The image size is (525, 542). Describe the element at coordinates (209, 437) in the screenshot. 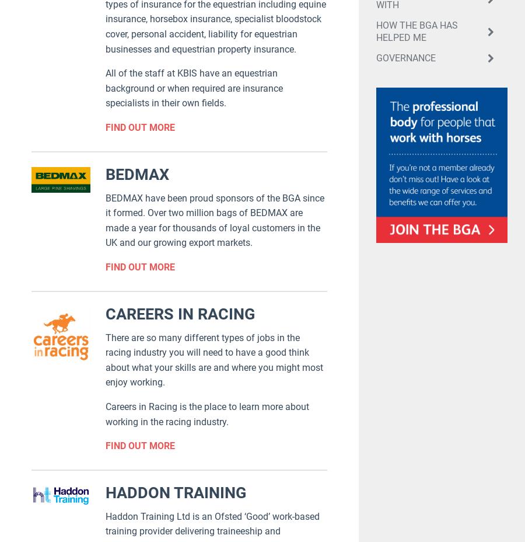

I see `'Contact'` at that location.